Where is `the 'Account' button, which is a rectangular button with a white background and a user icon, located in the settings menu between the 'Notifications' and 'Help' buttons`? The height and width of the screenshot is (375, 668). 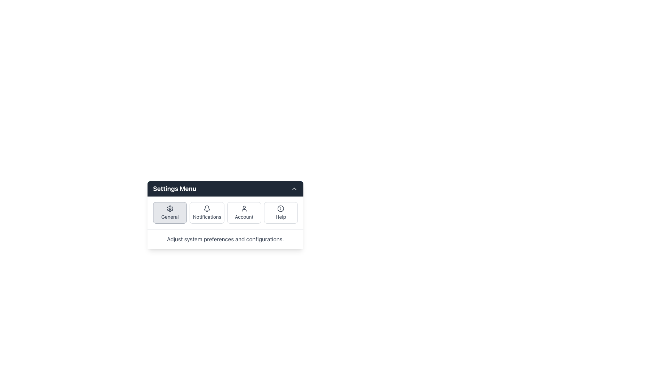 the 'Account' button, which is a rectangular button with a white background and a user icon, located in the settings menu between the 'Notifications' and 'Help' buttons is located at coordinates (244, 212).